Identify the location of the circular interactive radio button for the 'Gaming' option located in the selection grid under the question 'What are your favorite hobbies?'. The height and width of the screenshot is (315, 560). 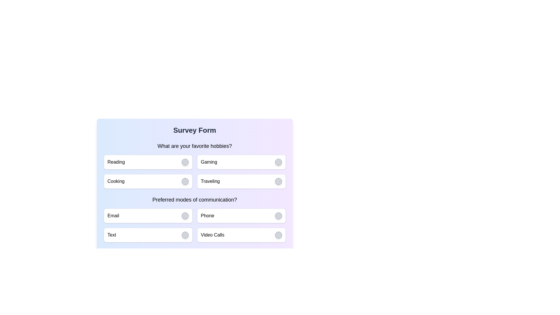
(241, 162).